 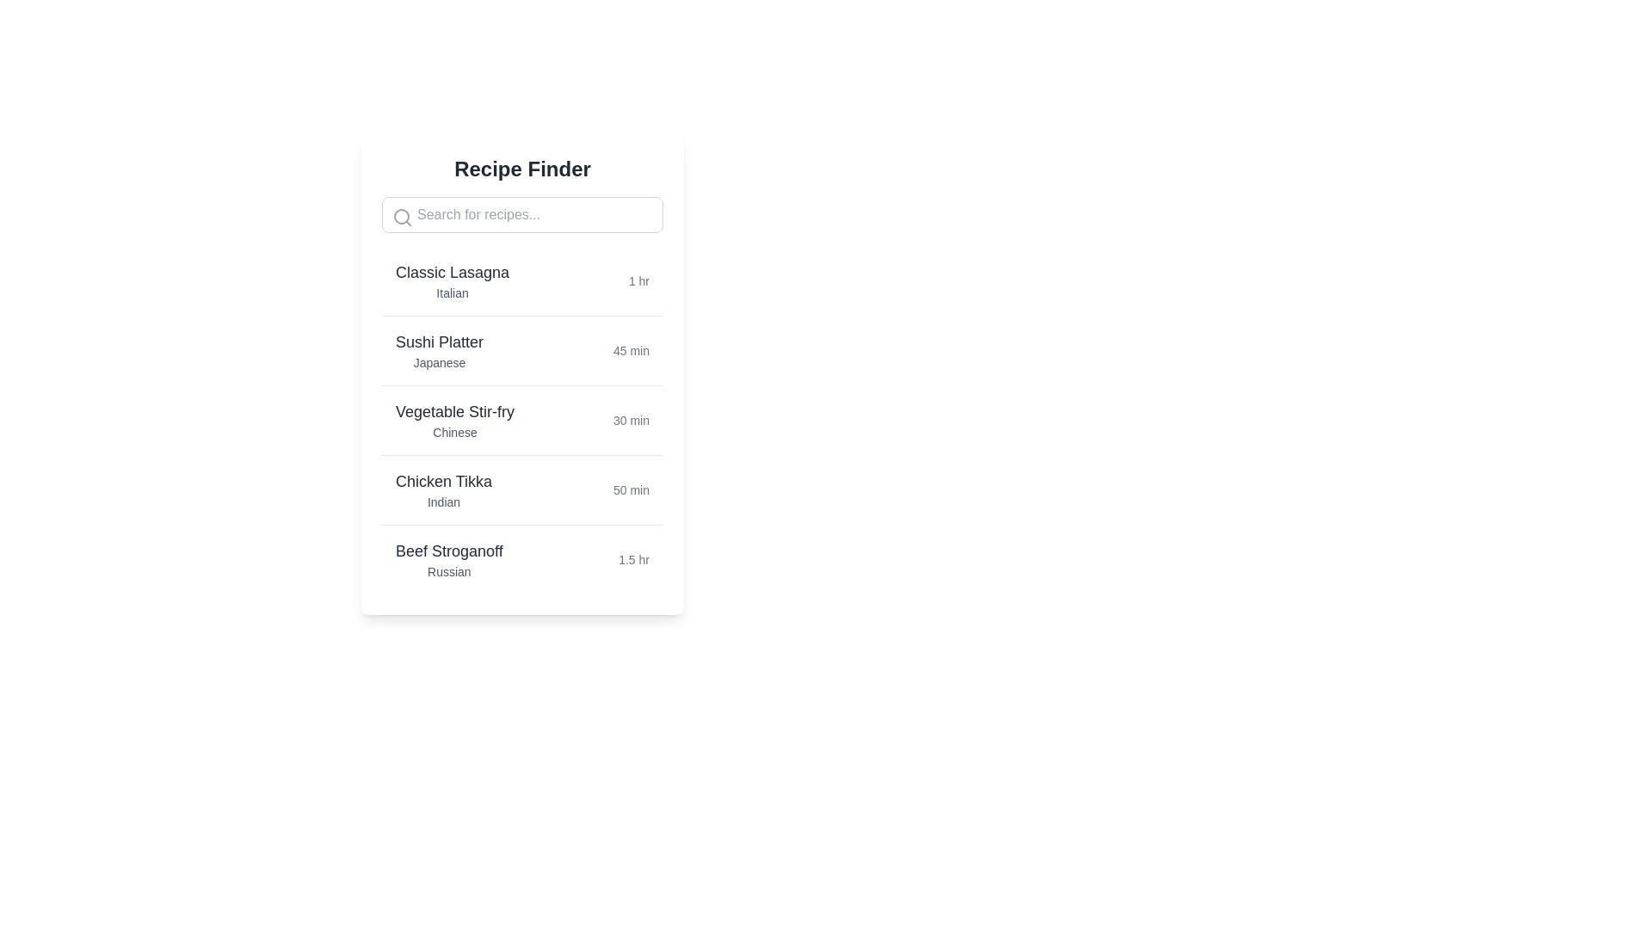 I want to click on text label displaying the recipe title 'Classic Lasagna' and its cuisine type 'Italian' located at the top section of the list in the 'Recipe Finder' interface, so click(x=453, y=280).